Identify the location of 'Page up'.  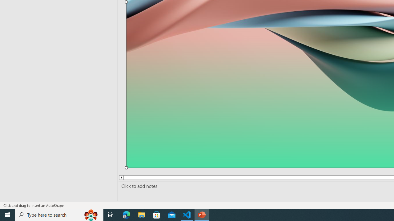
(131, 177).